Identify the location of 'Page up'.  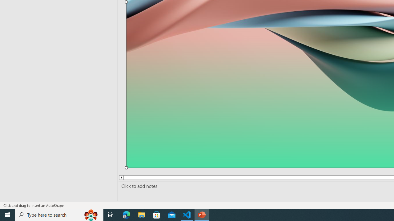
(131, 177).